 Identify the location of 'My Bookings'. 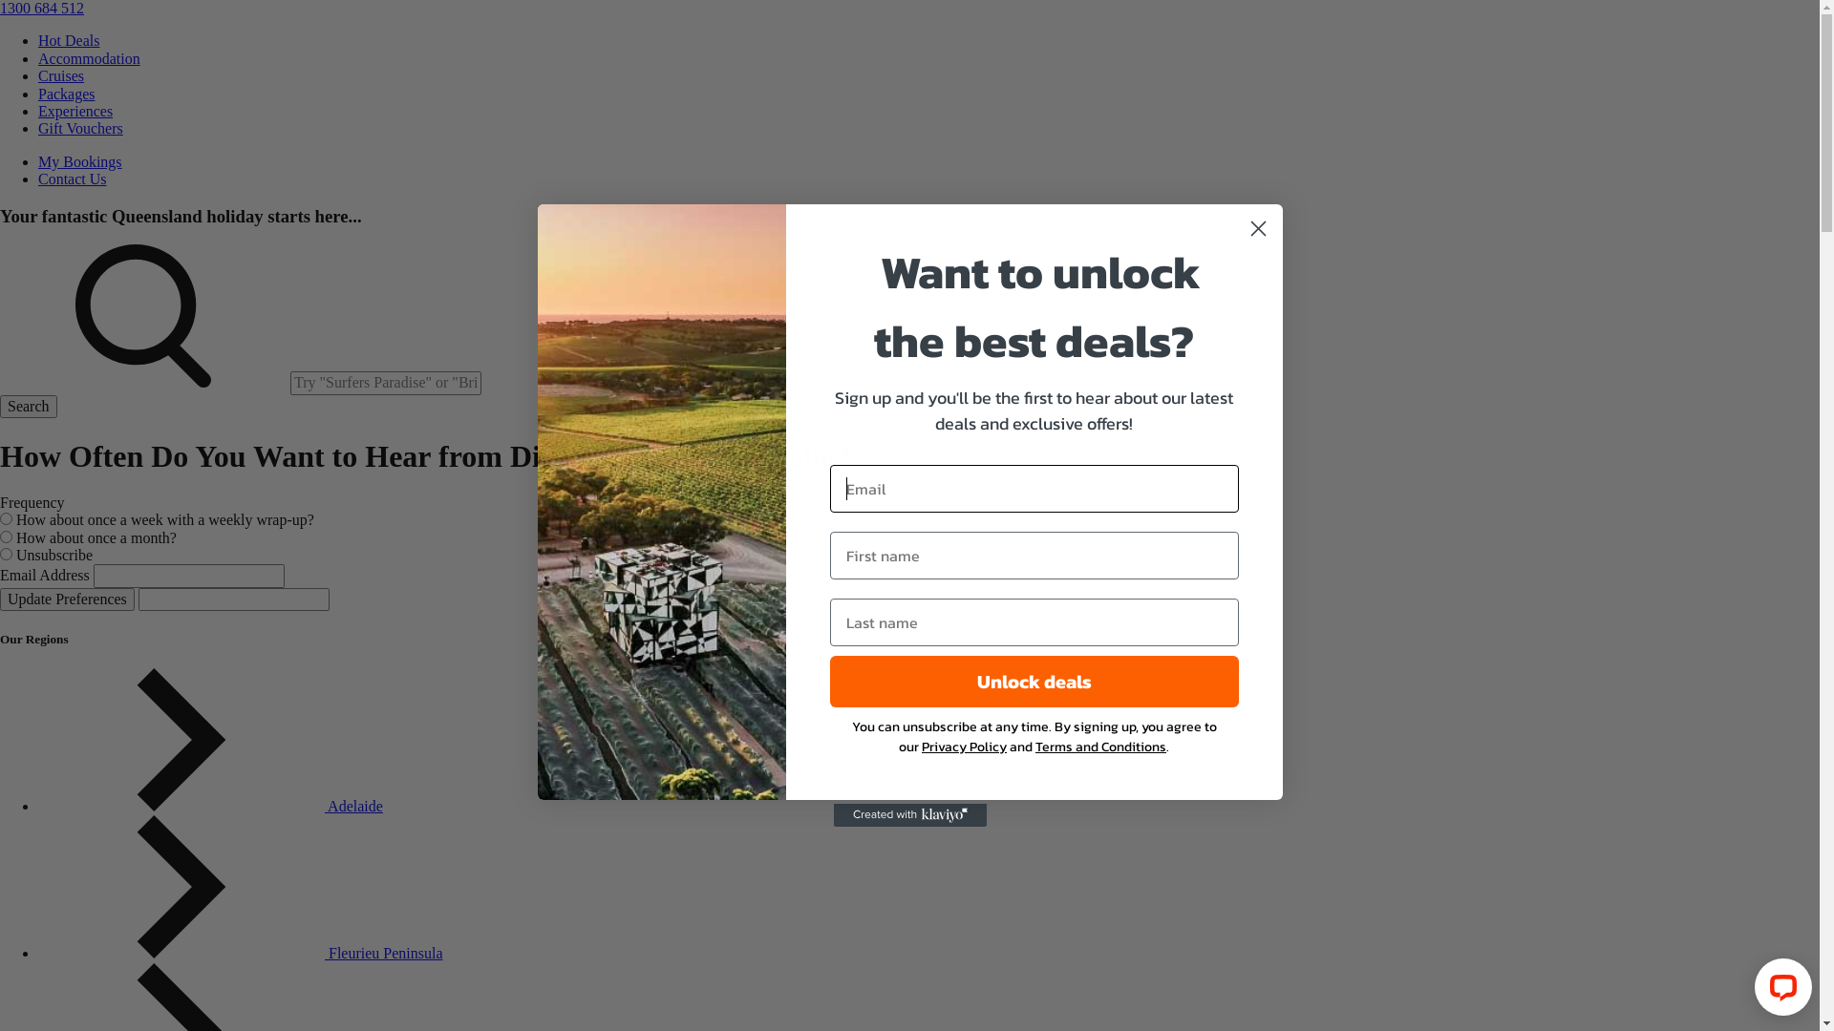
(37, 160).